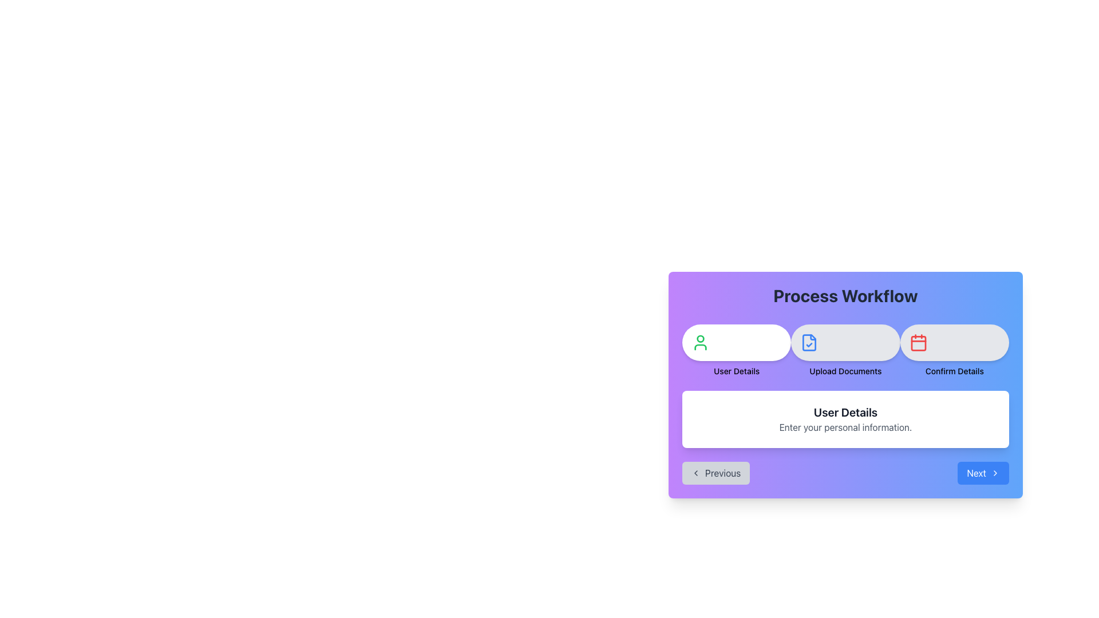 The height and width of the screenshot is (618, 1099). Describe the element at coordinates (845, 295) in the screenshot. I see `the text label that reads 'Process Workflow', which is prominently displayed in bold, large typography at the top center of a rectangular card-like component with a gradient background` at that location.